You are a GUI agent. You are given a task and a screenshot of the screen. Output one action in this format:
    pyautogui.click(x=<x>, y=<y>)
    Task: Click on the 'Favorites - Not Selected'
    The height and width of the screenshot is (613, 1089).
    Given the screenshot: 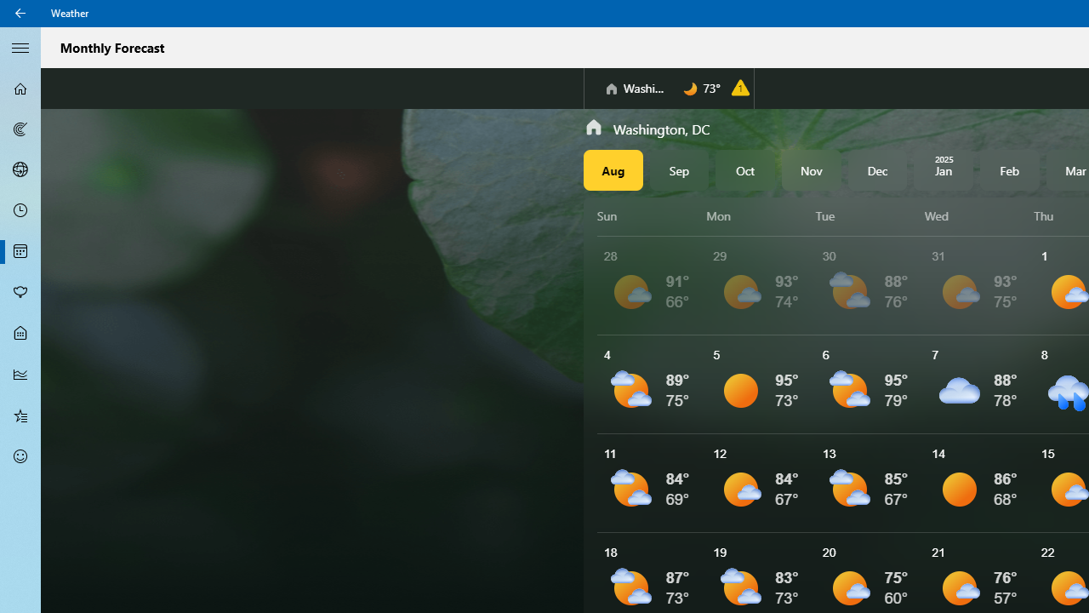 What is the action you would take?
    pyautogui.click(x=20, y=415)
    